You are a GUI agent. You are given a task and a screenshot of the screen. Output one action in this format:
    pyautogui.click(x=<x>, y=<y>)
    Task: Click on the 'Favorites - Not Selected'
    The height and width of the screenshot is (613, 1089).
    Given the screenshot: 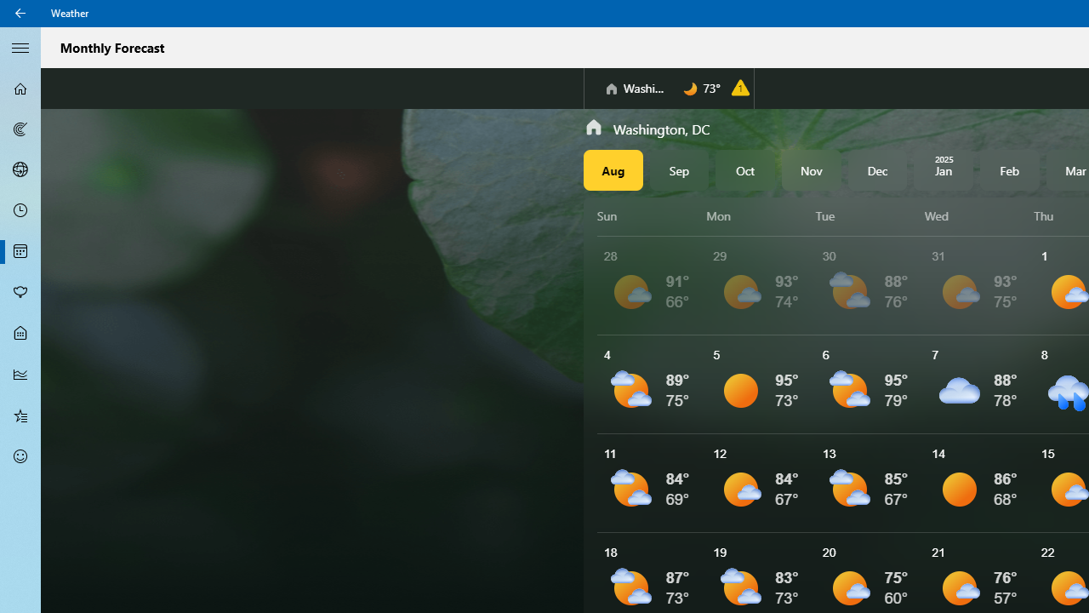 What is the action you would take?
    pyautogui.click(x=20, y=415)
    